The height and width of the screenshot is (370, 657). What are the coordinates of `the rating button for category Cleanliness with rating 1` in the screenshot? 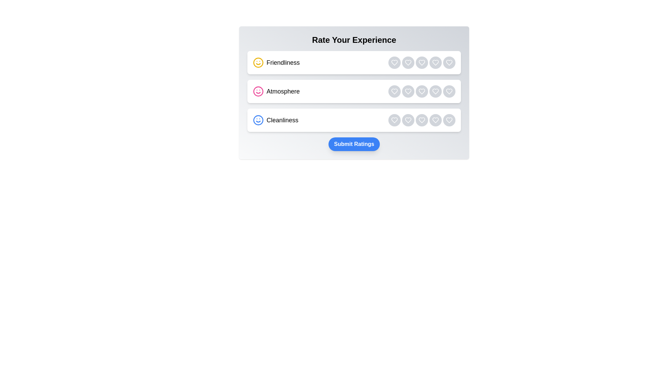 It's located at (394, 120).